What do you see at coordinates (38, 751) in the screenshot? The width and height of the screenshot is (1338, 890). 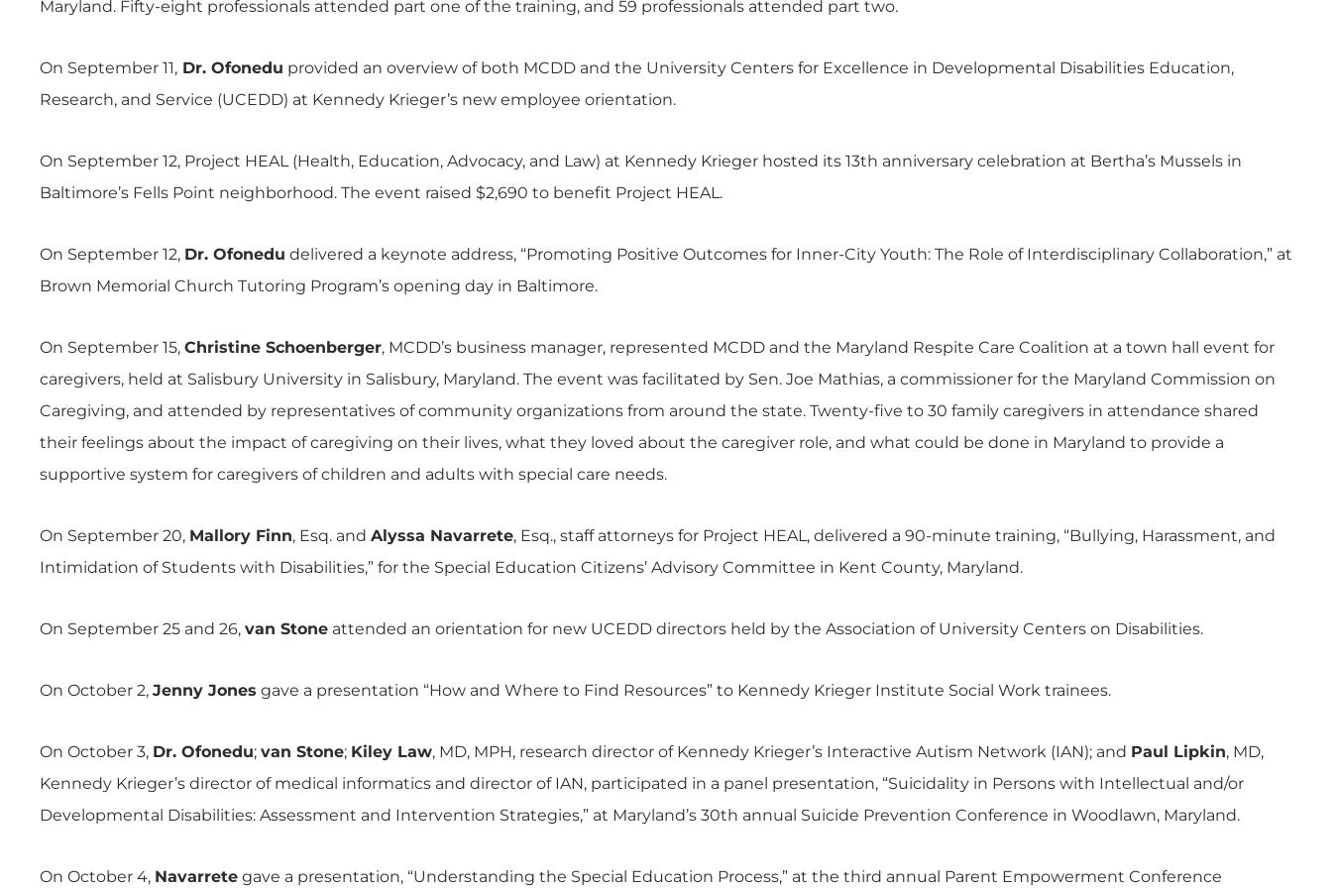 I see `'On October 3,'` at bounding box center [38, 751].